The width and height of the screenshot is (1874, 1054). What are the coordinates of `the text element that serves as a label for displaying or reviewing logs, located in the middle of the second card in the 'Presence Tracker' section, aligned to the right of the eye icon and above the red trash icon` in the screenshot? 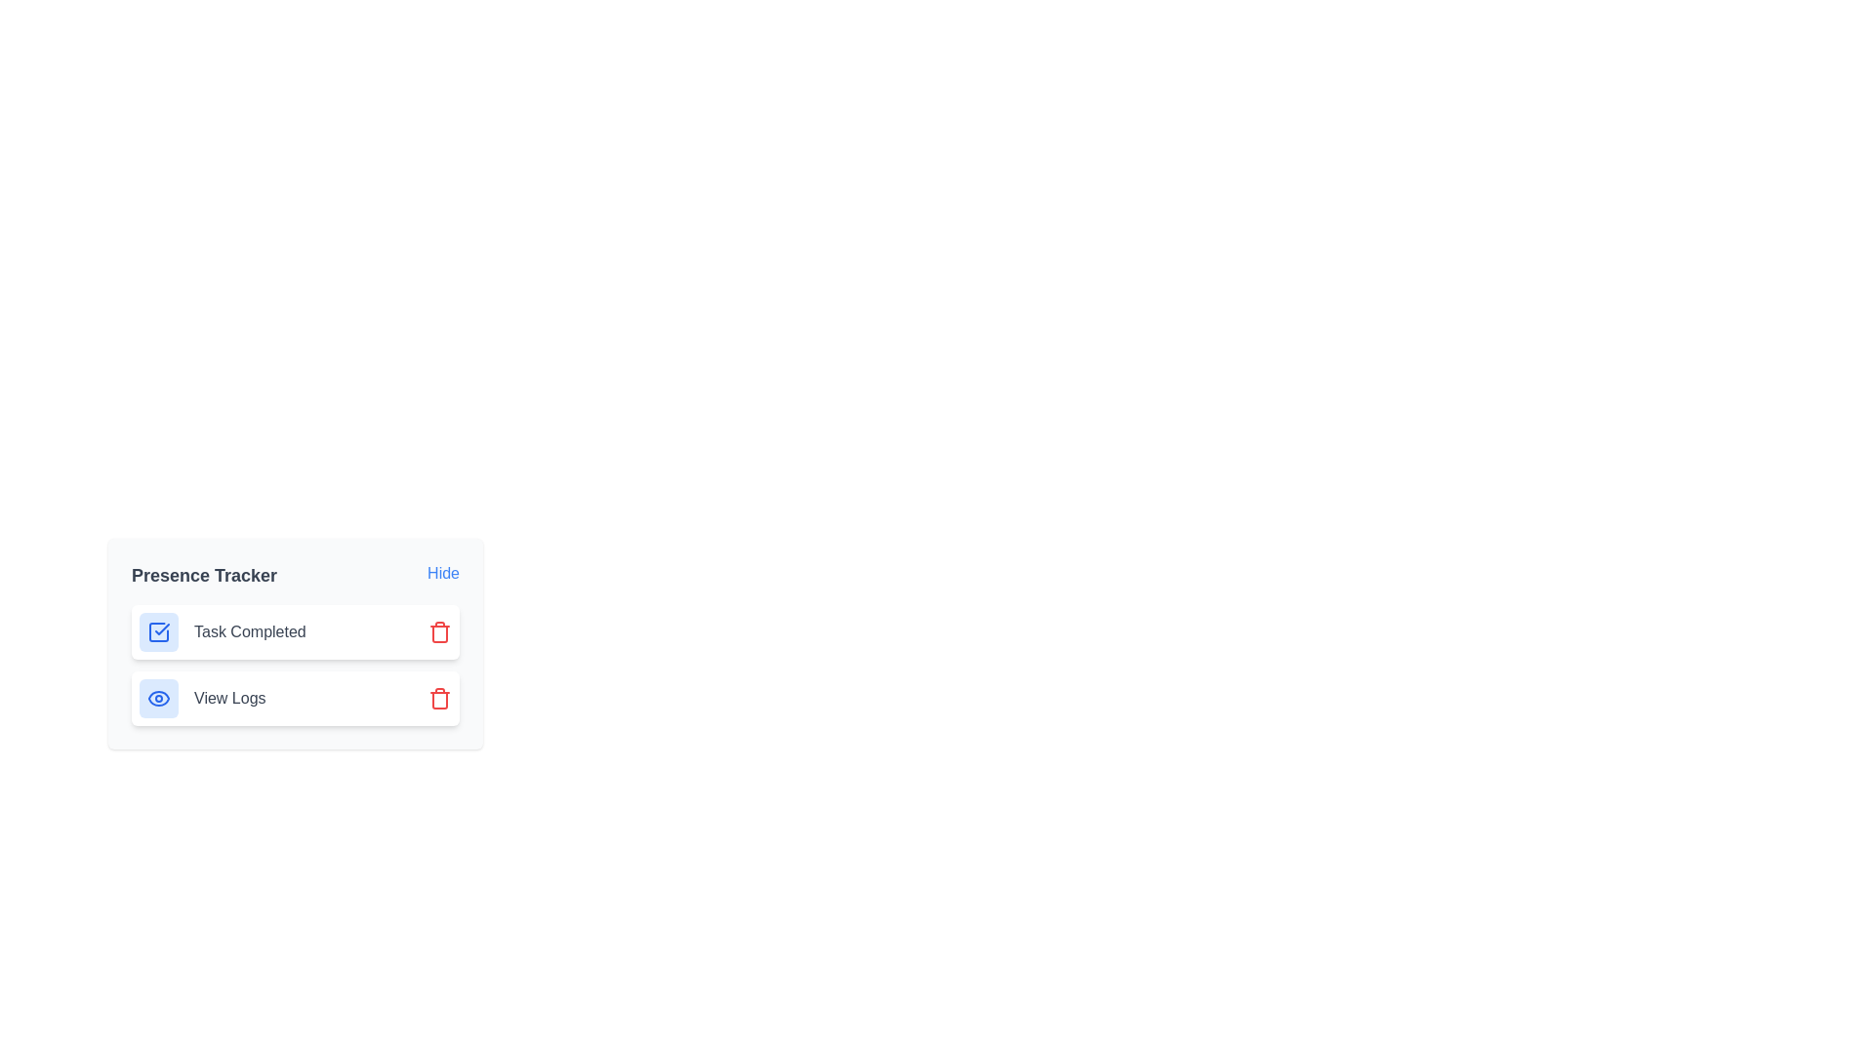 It's located at (229, 698).